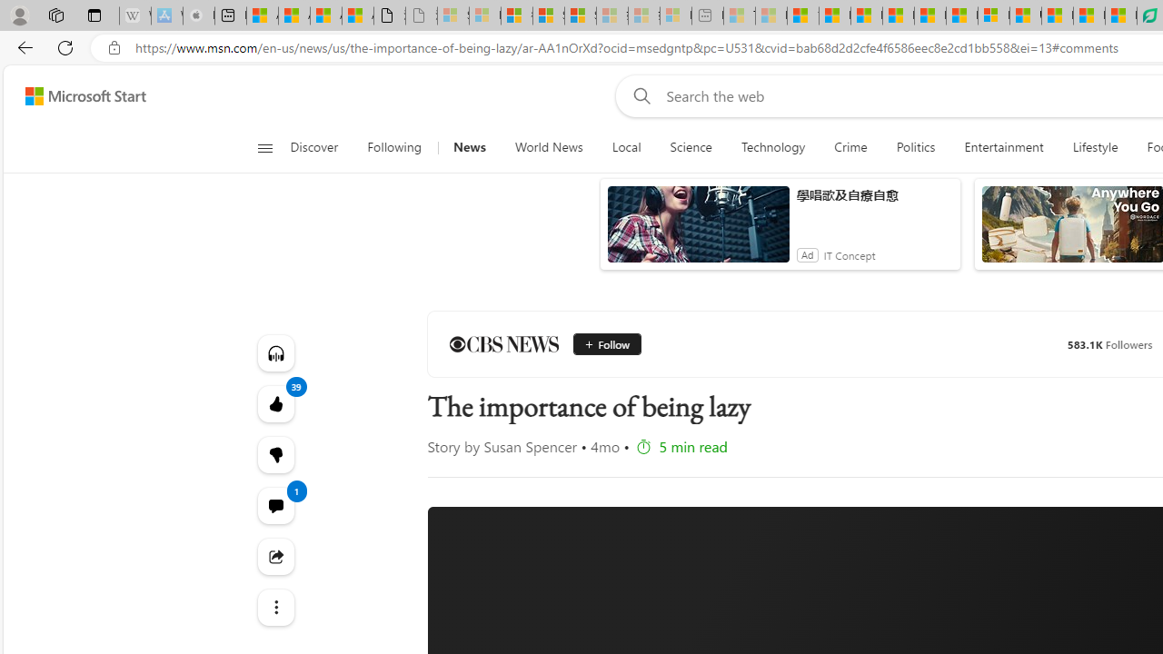  I want to click on 'Listen to this article', so click(274, 352).